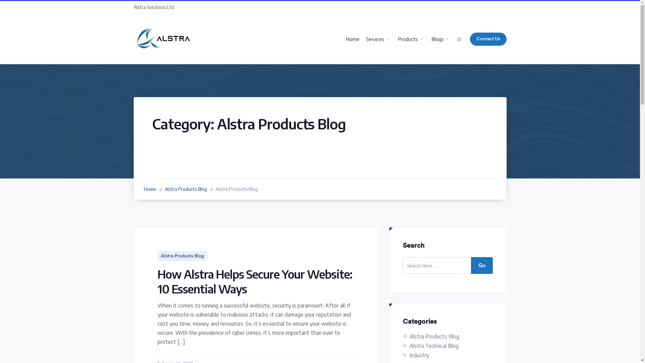  What do you see at coordinates (434, 346) in the screenshot?
I see `'Alstra Technical Blog'` at bounding box center [434, 346].